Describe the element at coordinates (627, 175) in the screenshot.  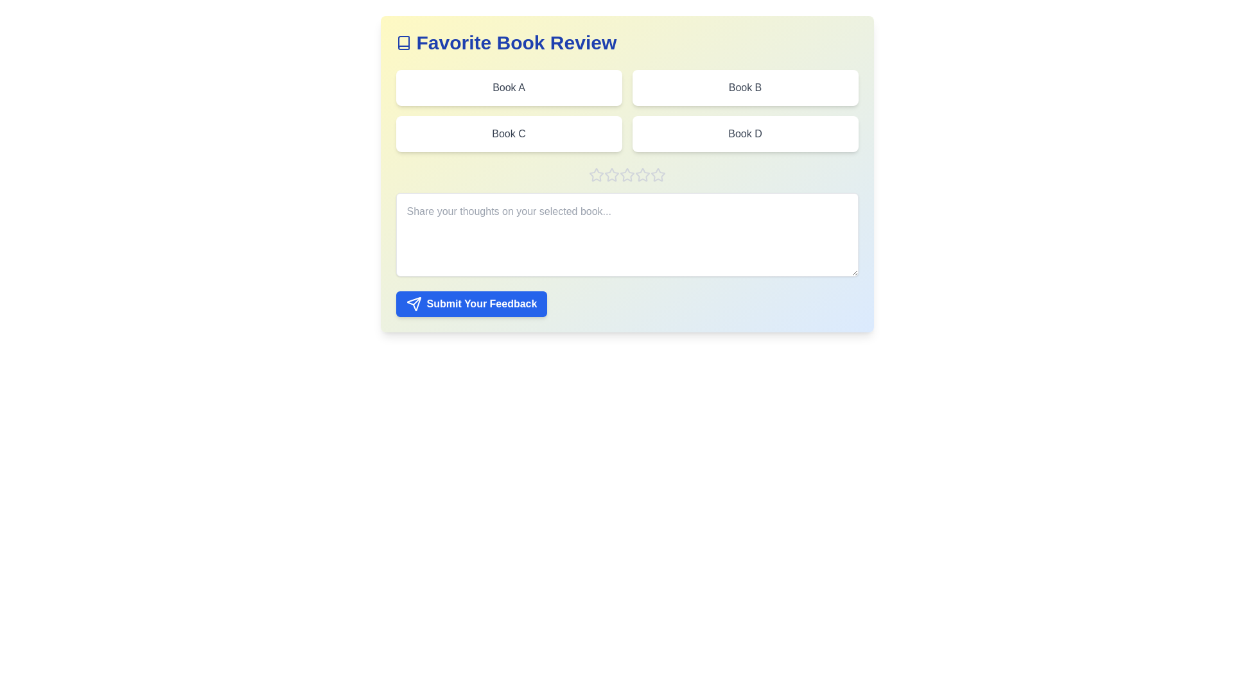
I see `the book rating to 3 stars` at that location.